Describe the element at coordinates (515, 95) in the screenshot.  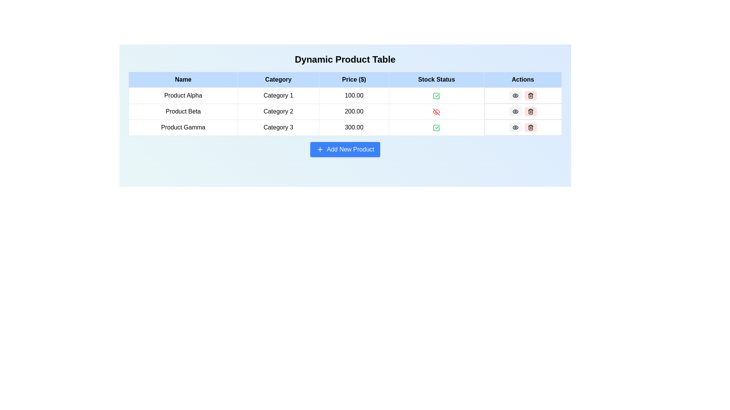
I see `the visibility toggle icon button located in the 'Actions' column of the second row in the table, which is the leftmost icon next to the delete icon` at that location.